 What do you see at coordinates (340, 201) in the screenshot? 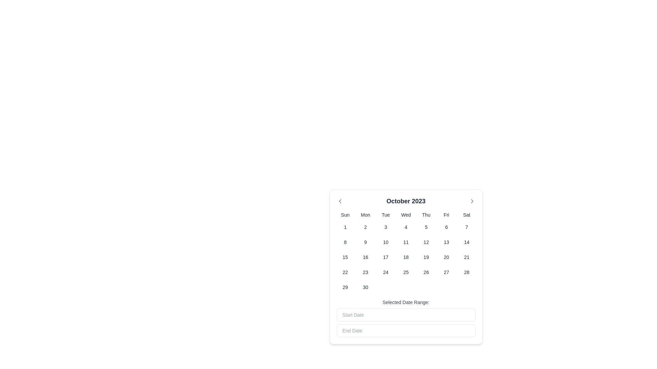
I see `the leftward-pointing chevron button located at the top left corner of the calendar interface` at bounding box center [340, 201].